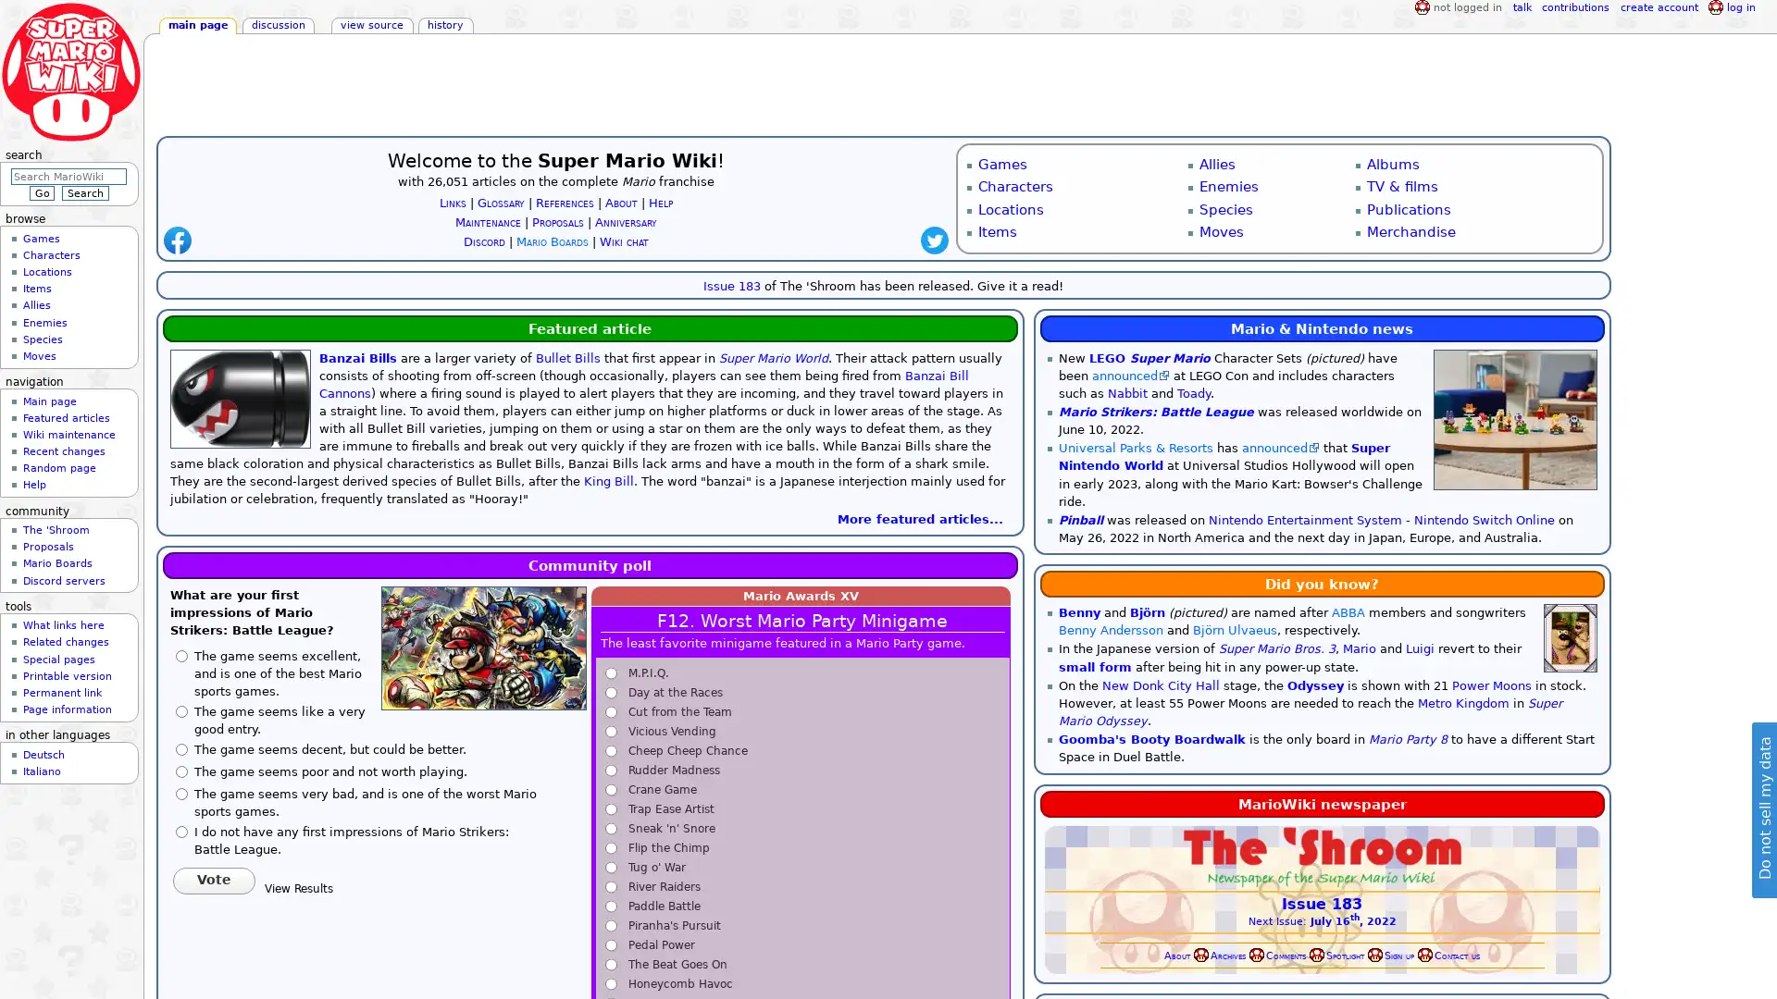 This screenshot has height=999, width=1777. Describe the element at coordinates (83, 192) in the screenshot. I see `Search` at that location.